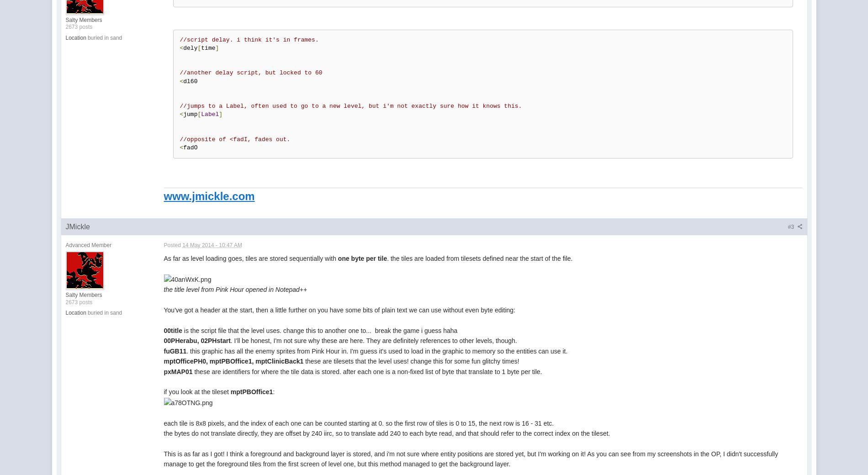 The width and height of the screenshot is (868, 475). What do you see at coordinates (208, 196) in the screenshot?
I see `'www.jmickle.com'` at bounding box center [208, 196].